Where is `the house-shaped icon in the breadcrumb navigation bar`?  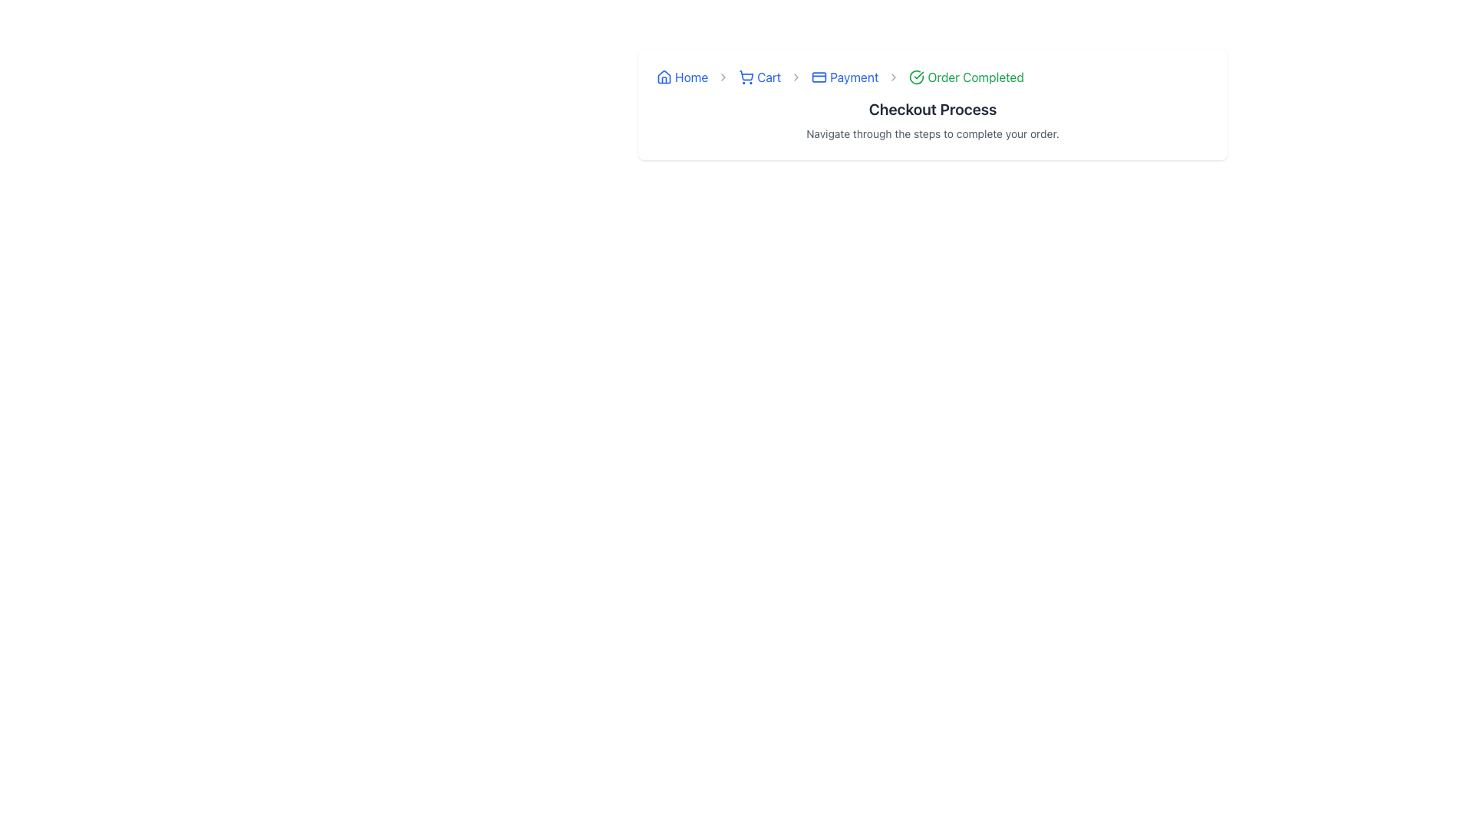
the house-shaped icon in the breadcrumb navigation bar is located at coordinates (664, 77).